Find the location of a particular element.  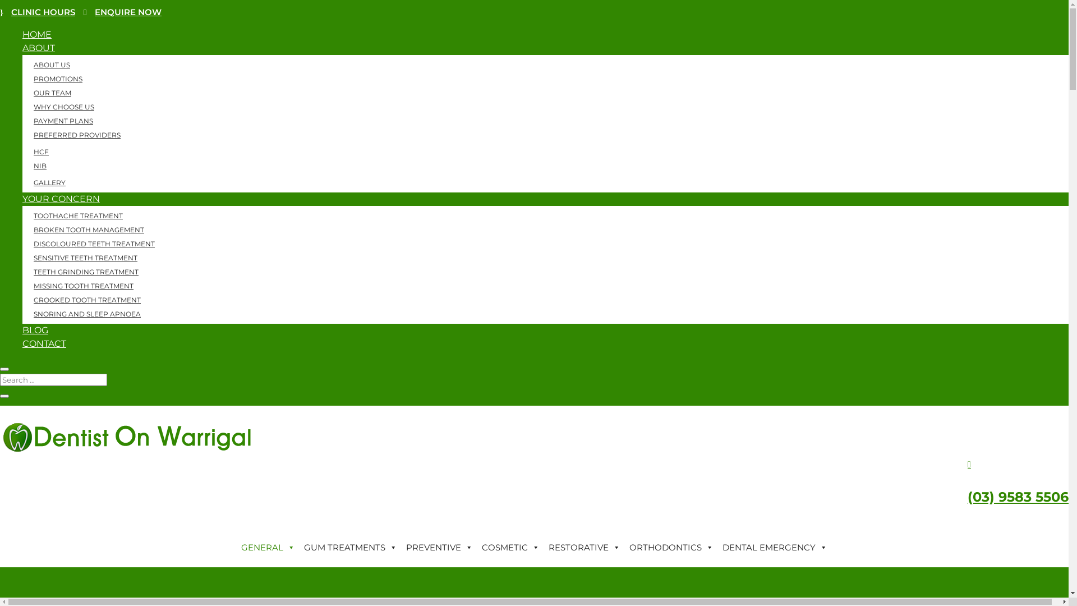

'ORTHODONTICS' is located at coordinates (671, 547).